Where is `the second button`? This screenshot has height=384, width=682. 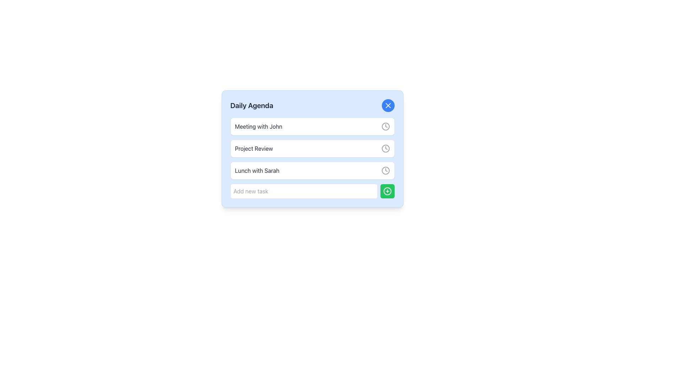
the second button is located at coordinates (387, 191).